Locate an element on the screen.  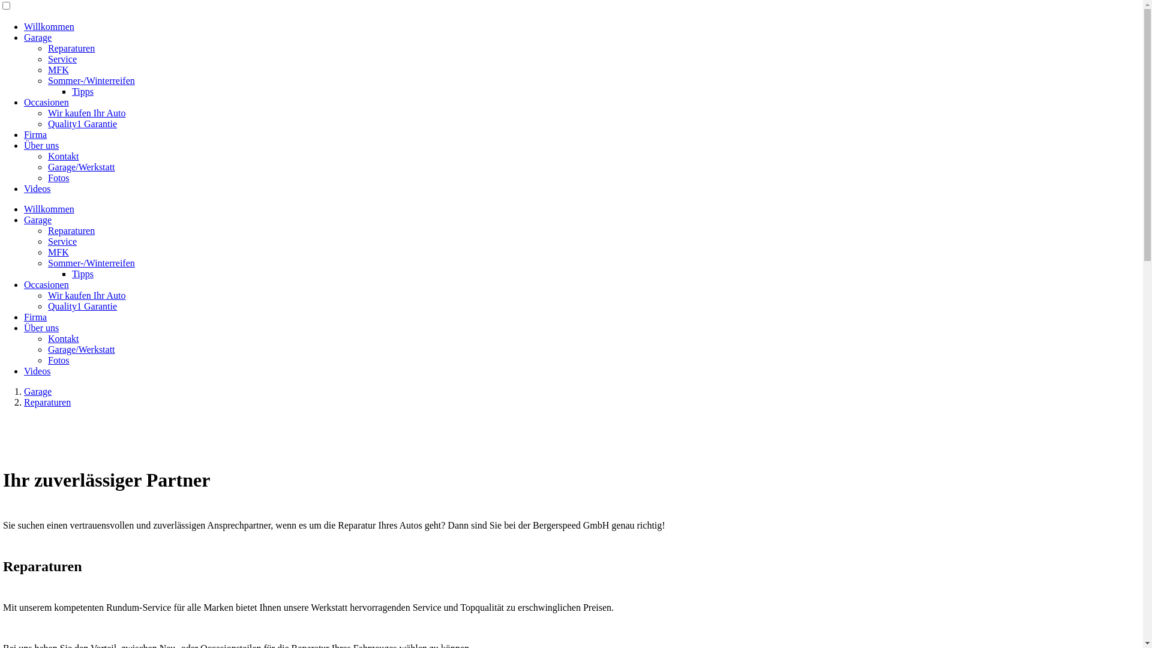
'Occasionen' is located at coordinates (46, 101).